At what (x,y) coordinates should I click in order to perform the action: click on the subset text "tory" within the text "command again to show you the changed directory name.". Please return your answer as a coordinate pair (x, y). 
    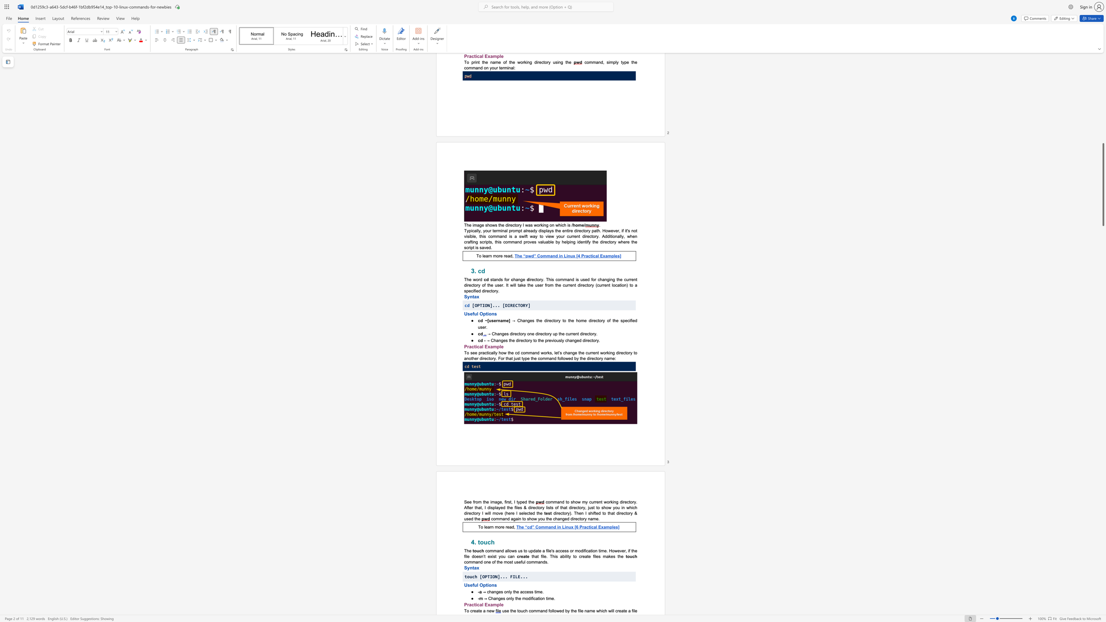
    Looking at the image, I should click on (579, 519).